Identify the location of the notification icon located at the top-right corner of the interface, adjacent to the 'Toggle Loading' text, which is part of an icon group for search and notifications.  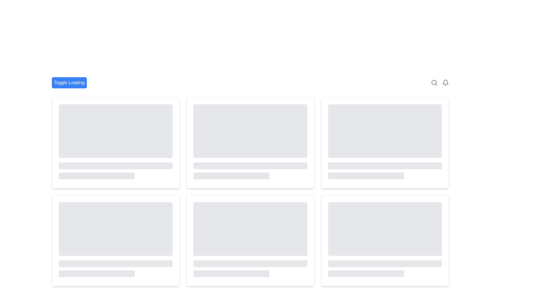
(439, 83).